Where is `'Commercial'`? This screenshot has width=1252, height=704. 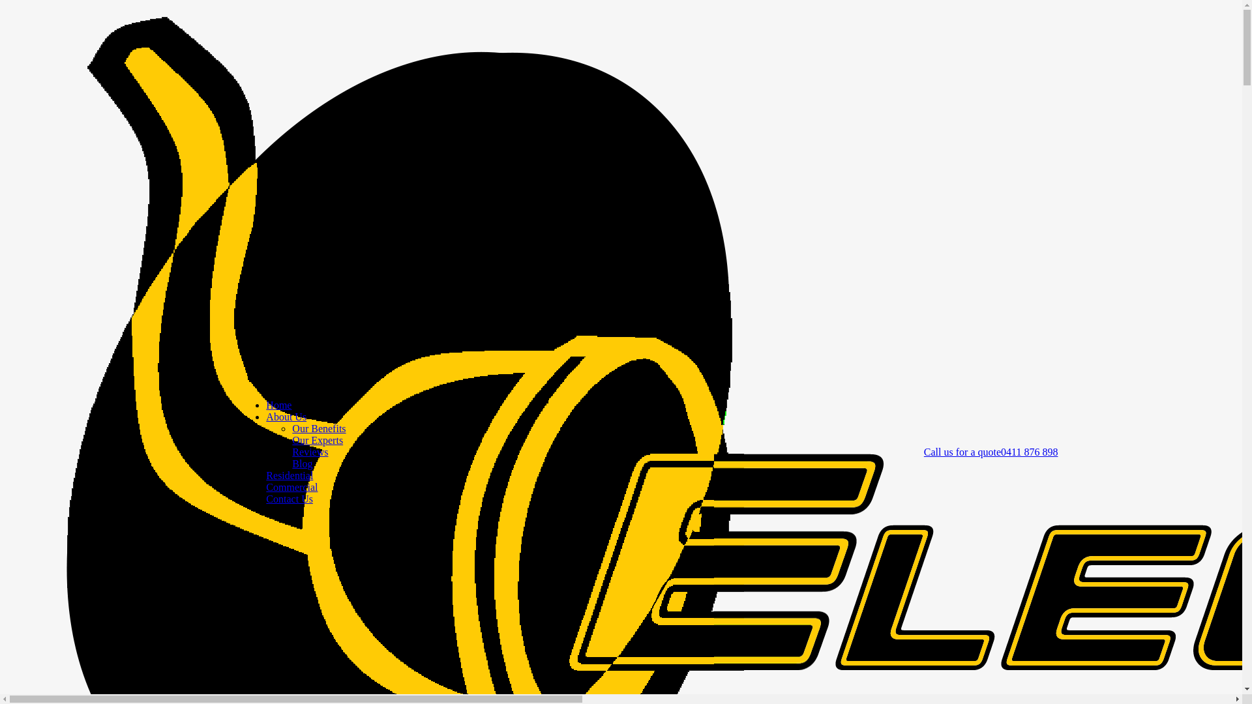
'Commercial' is located at coordinates (265, 487).